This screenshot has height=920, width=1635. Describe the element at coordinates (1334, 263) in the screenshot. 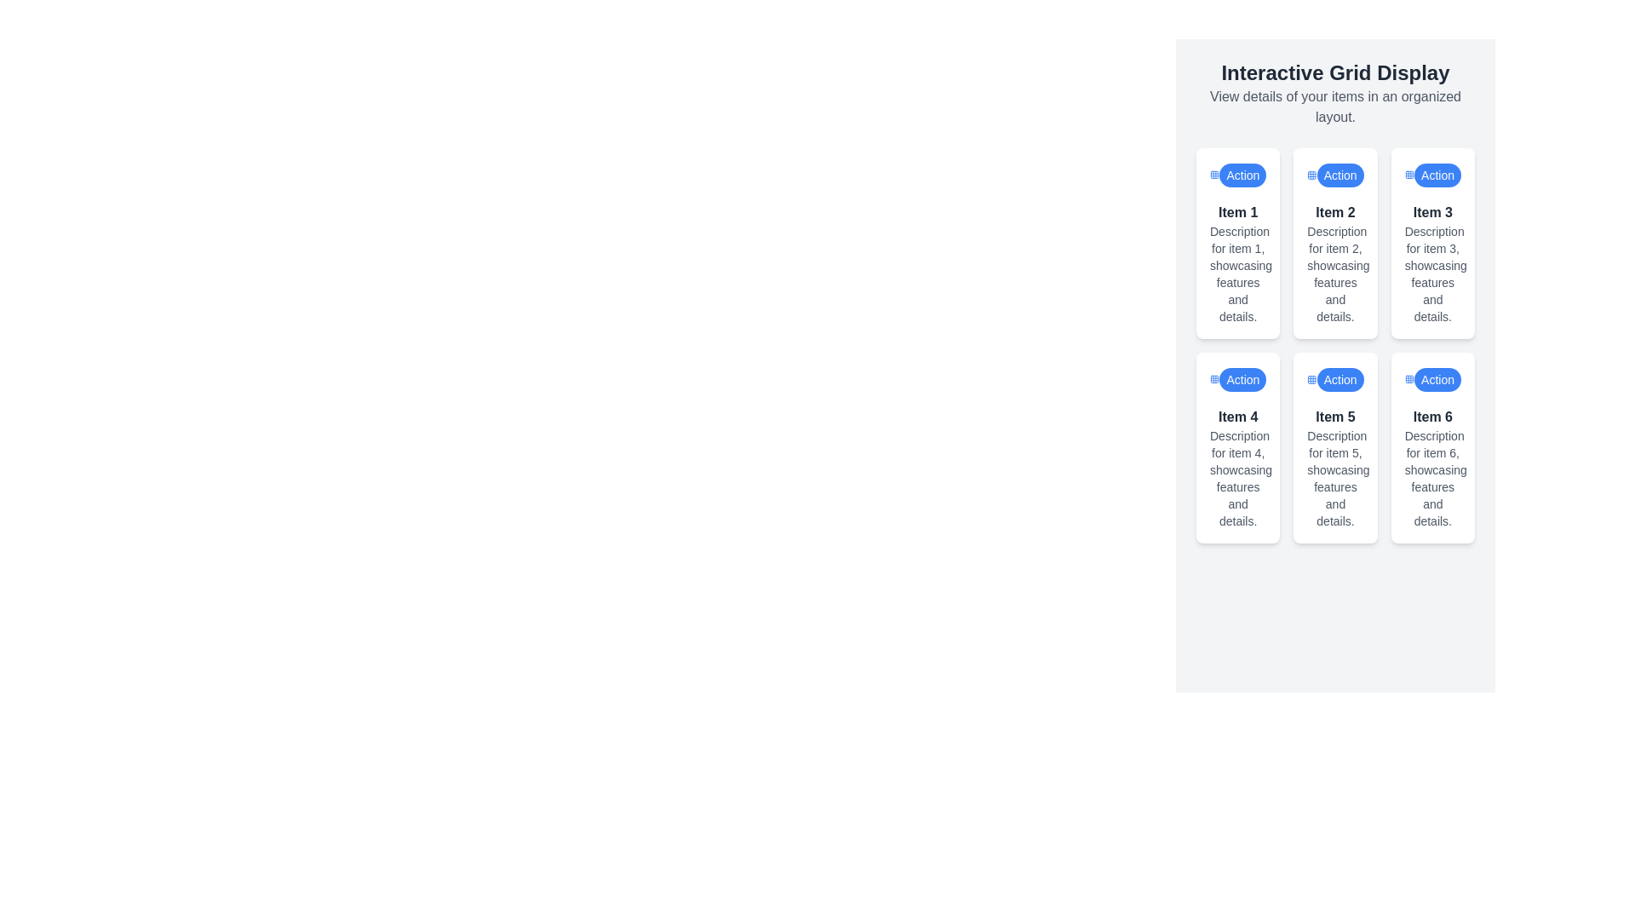

I see `the textual content display labeled 'Item 2' which features a title in bold, dark-gray font and a description in lighter-gray font, located in the second column of the grid layout` at that location.